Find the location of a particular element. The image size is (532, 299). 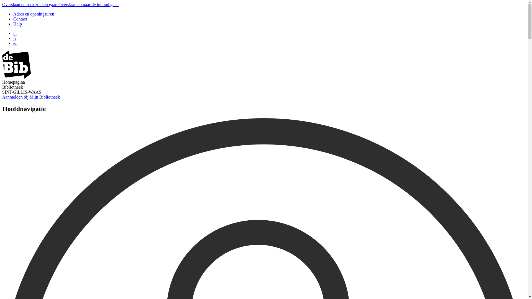

'Adres en openingsuren' is located at coordinates (33, 14).